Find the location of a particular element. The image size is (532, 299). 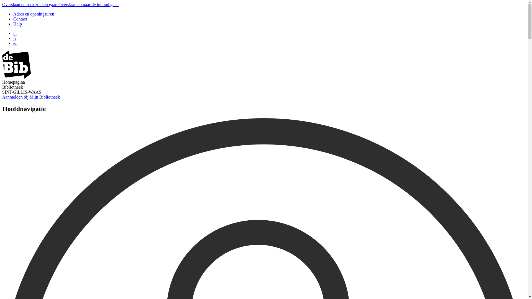

'Adres en openingsuren' is located at coordinates (33, 14).